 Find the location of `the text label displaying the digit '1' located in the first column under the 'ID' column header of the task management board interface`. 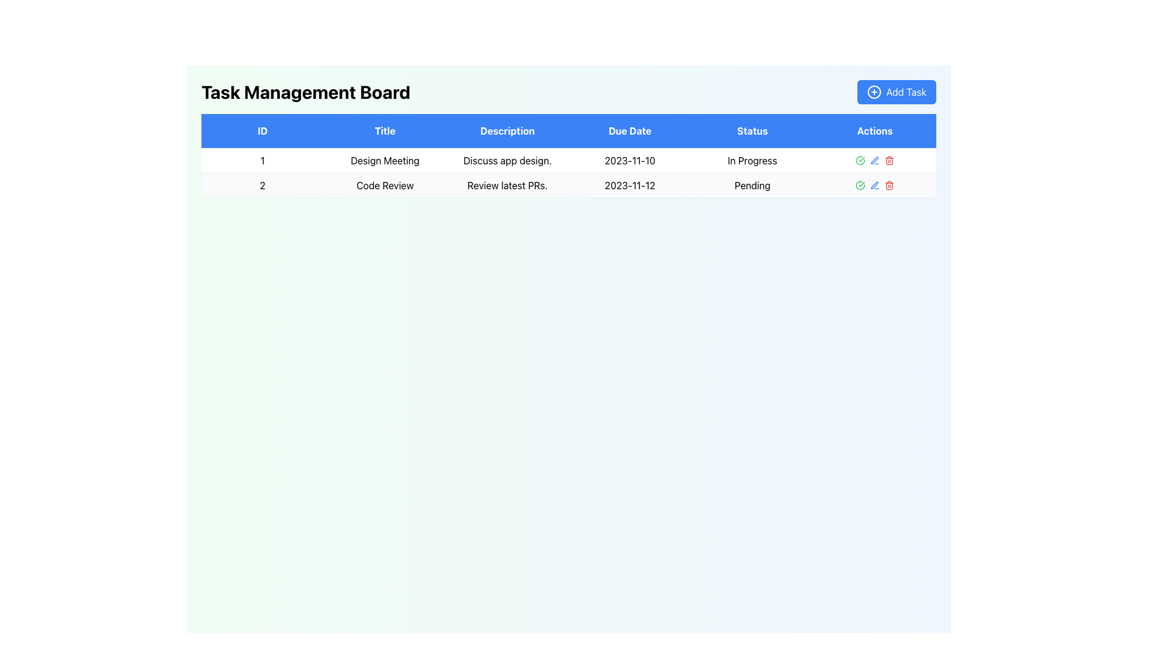

the text label displaying the digit '1' located in the first column under the 'ID' column header of the task management board interface is located at coordinates (262, 160).